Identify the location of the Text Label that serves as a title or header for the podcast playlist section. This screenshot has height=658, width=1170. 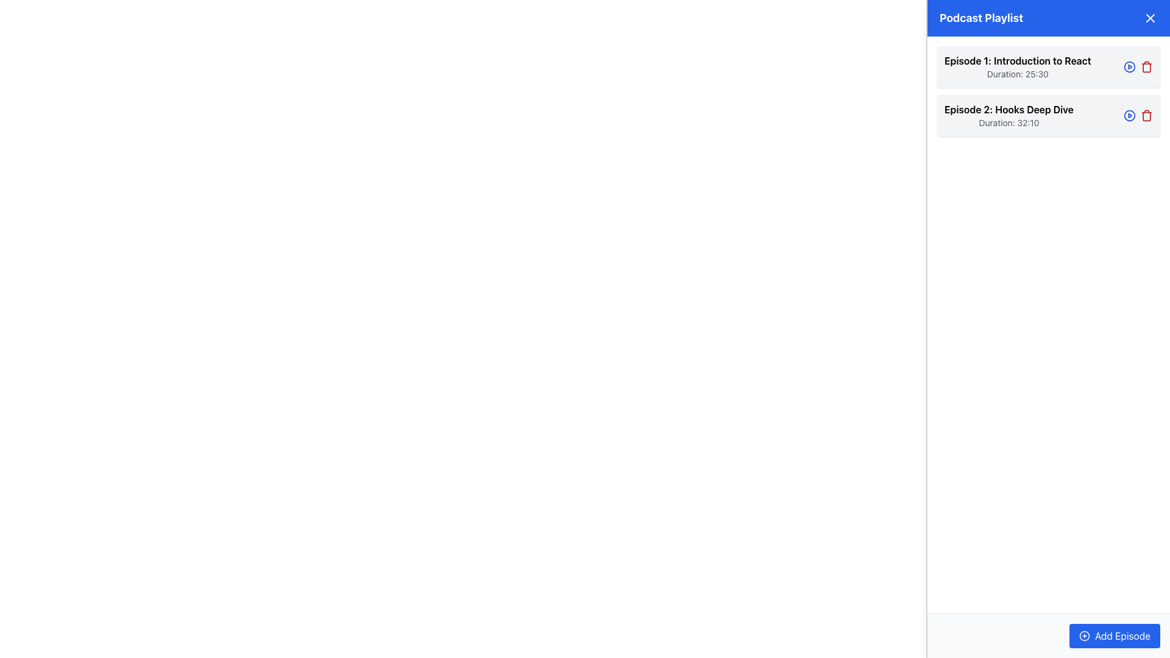
(981, 18).